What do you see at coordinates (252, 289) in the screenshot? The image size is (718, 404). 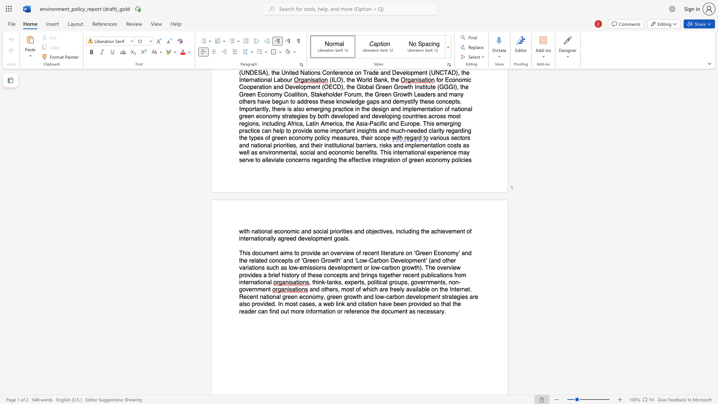 I see `the subset text "rn" within the text ", think‐tanks, experts, political groups, governments, non‐government"` at bounding box center [252, 289].